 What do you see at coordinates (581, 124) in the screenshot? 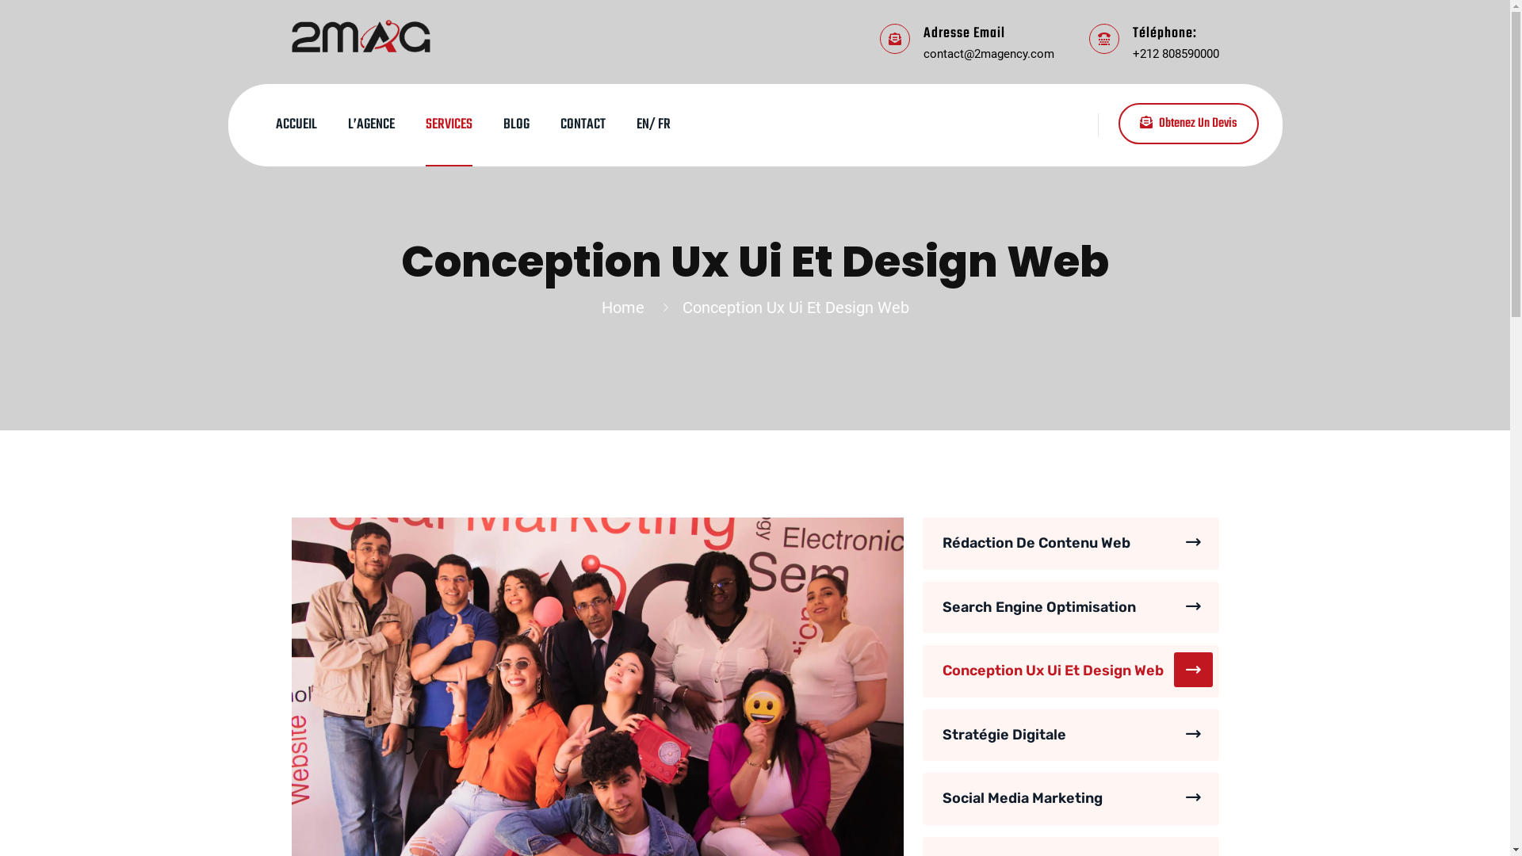
I see `'CONTACT'` at bounding box center [581, 124].